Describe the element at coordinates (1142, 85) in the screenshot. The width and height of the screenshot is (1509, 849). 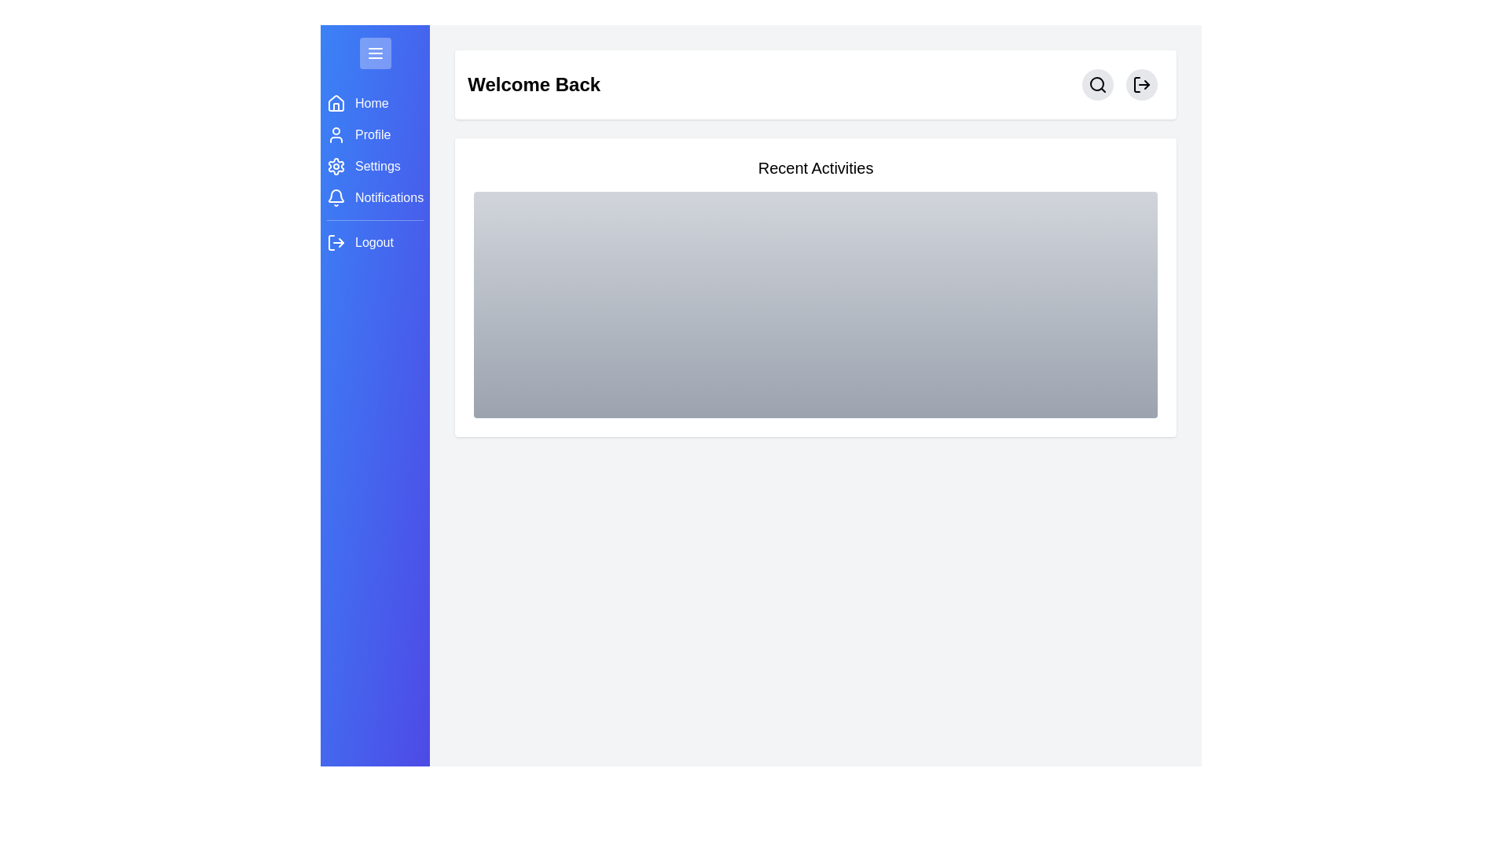
I see `the small right-pointing arrow button with a light gray background in the top-right corner` at that location.